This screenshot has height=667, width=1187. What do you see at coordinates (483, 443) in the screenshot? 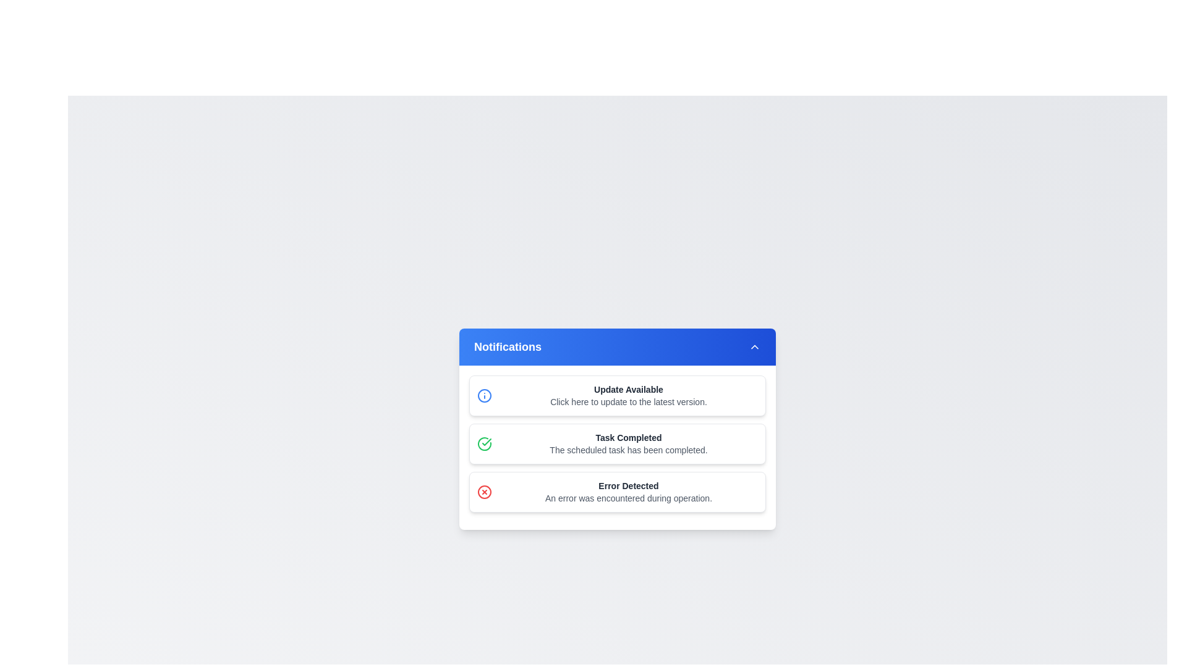
I see `the success icon representing task completion, located to the left of the 'Task Completed' text in the notification panel` at bounding box center [483, 443].